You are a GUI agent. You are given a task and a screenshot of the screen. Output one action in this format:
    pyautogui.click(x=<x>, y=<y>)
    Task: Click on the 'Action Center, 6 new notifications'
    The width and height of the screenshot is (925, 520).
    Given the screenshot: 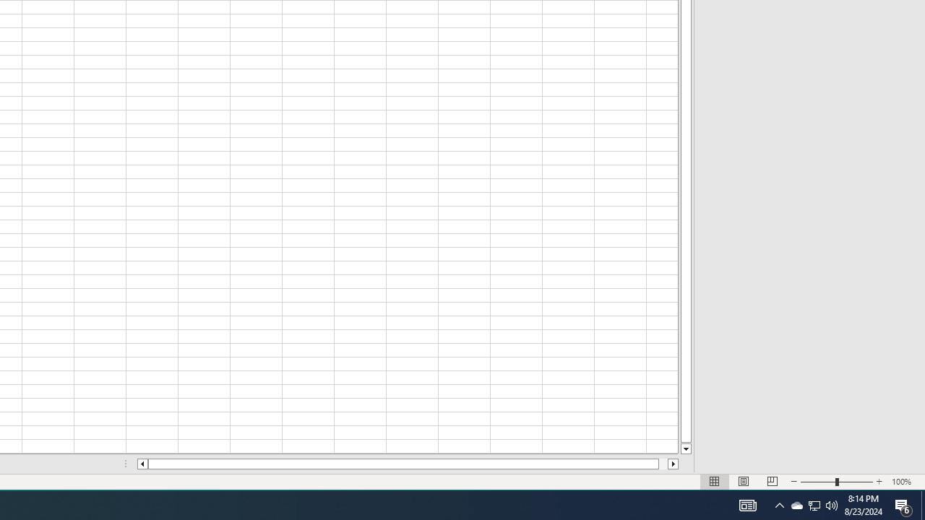 What is the action you would take?
    pyautogui.click(x=903, y=504)
    